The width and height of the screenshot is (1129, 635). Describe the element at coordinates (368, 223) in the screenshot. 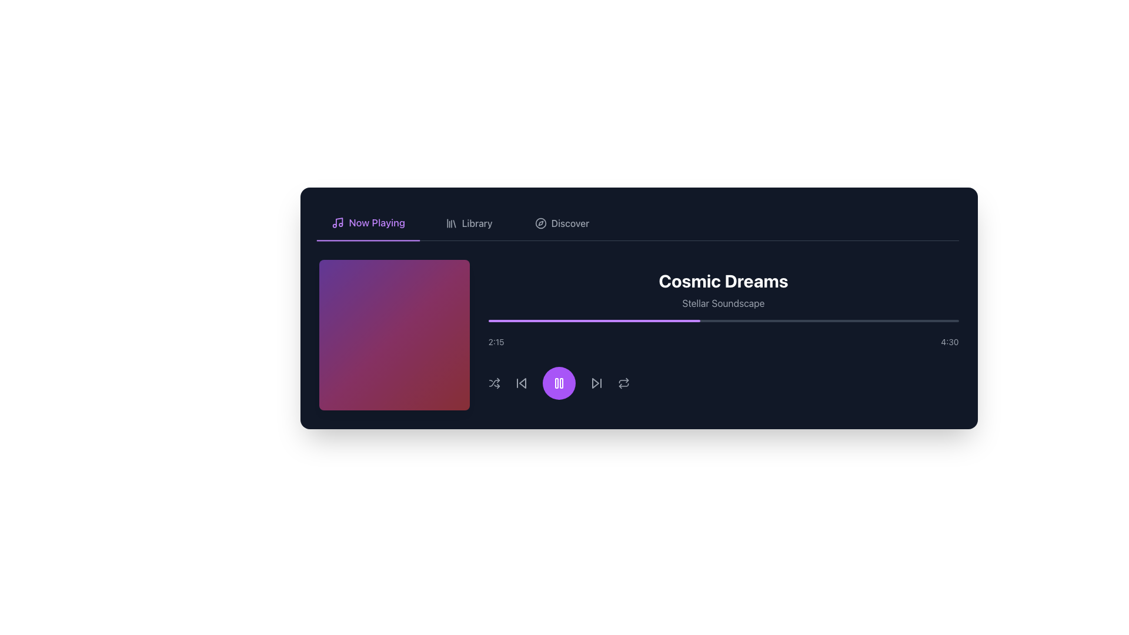

I see `the 'Now Playing' navigation tab, which includes a musical note icon and is styled in purple color` at that location.